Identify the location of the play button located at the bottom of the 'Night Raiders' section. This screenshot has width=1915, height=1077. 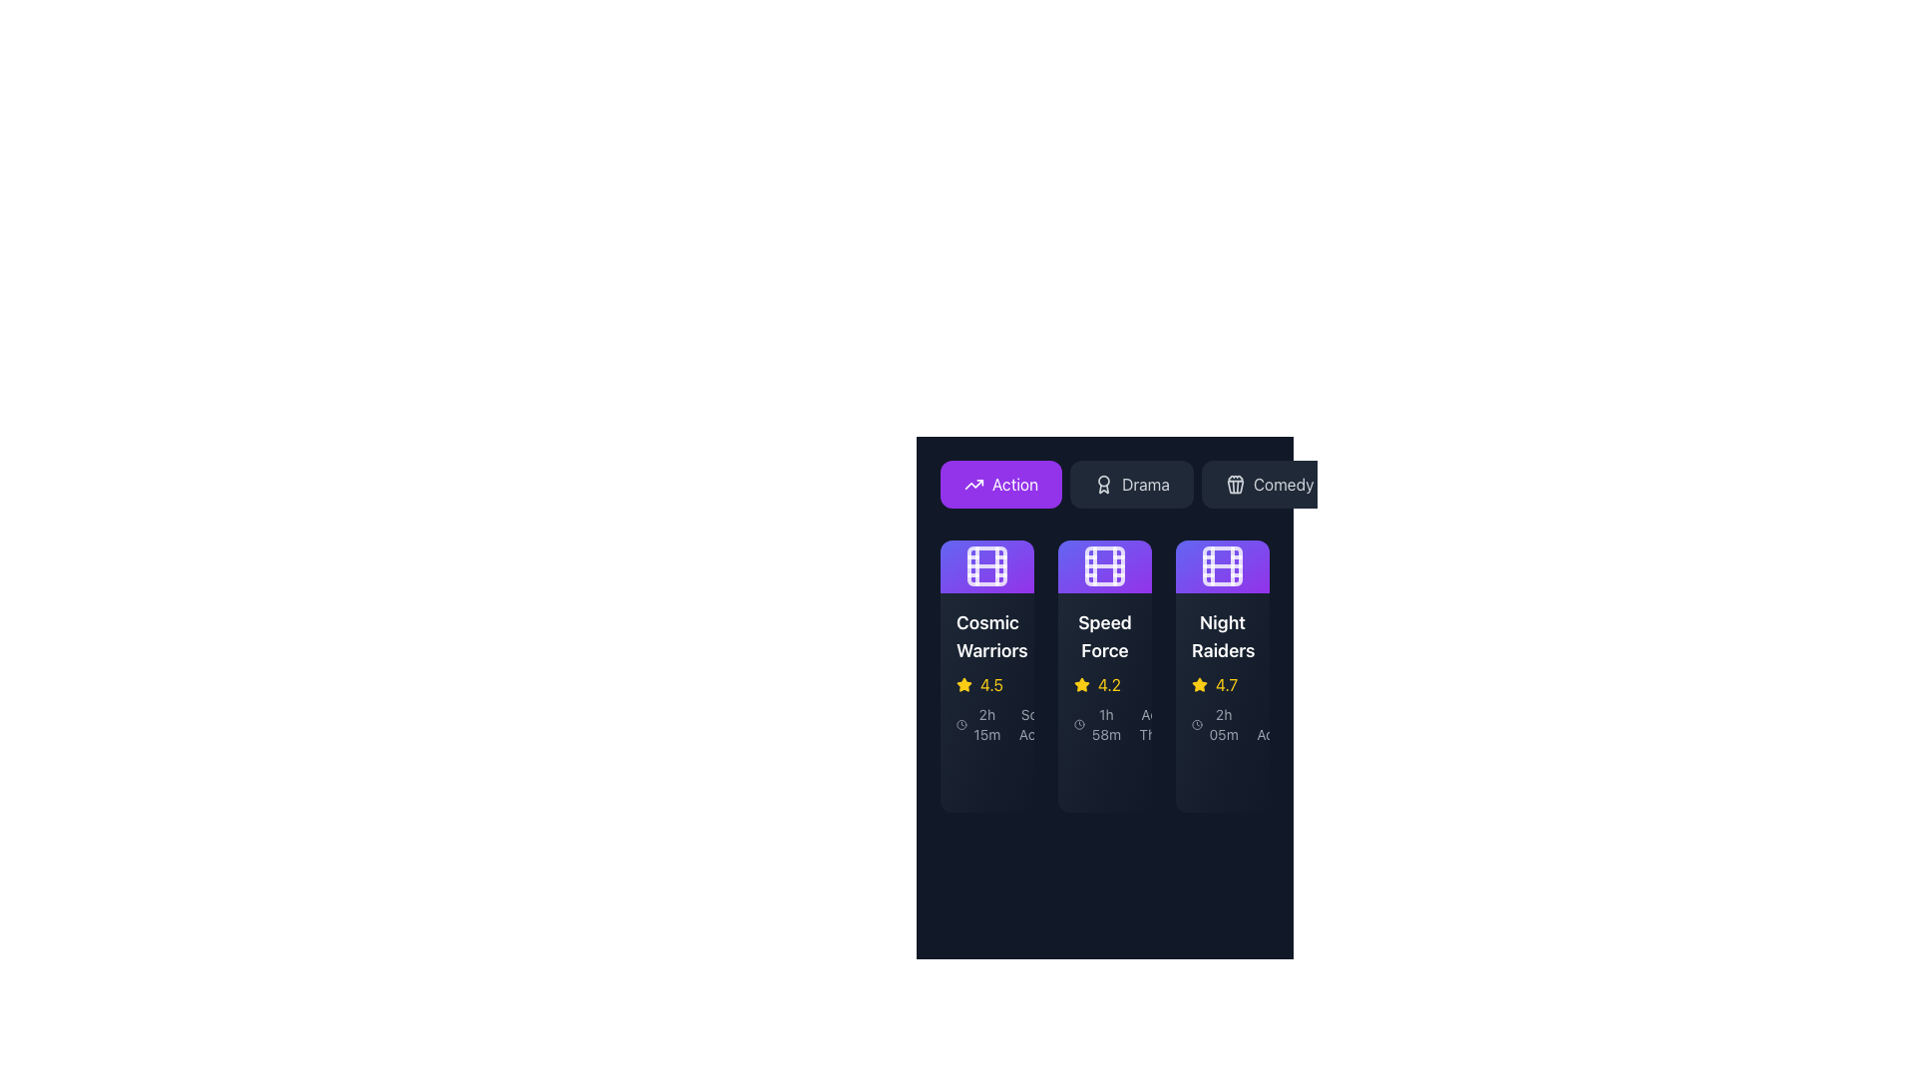
(1234, 775).